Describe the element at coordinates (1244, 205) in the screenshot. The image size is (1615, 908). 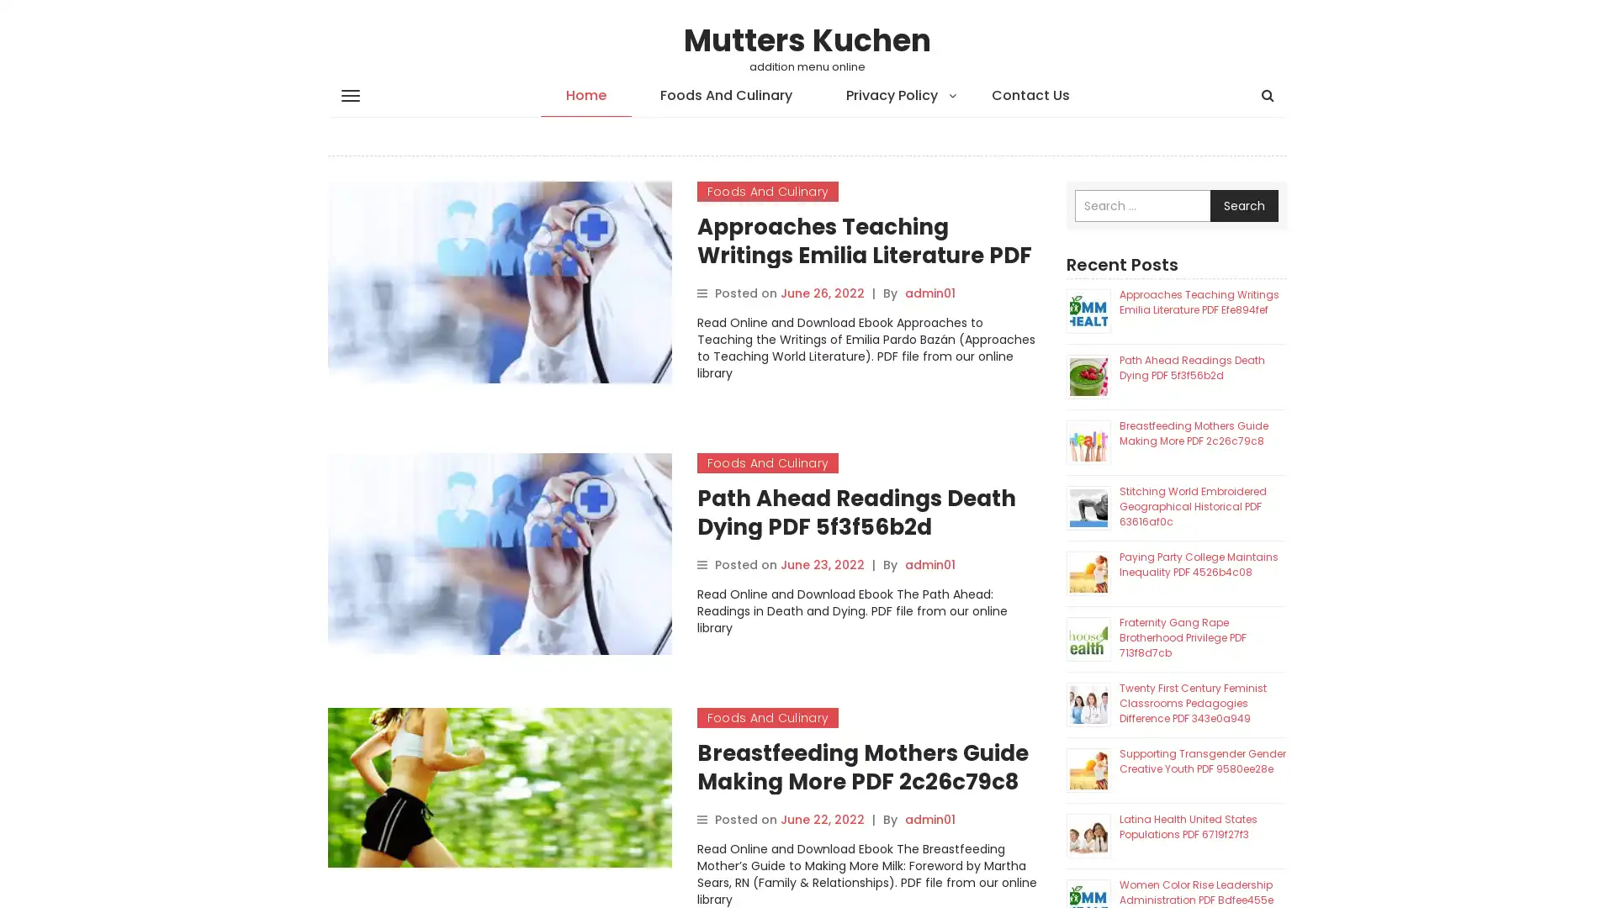
I see `Search` at that location.